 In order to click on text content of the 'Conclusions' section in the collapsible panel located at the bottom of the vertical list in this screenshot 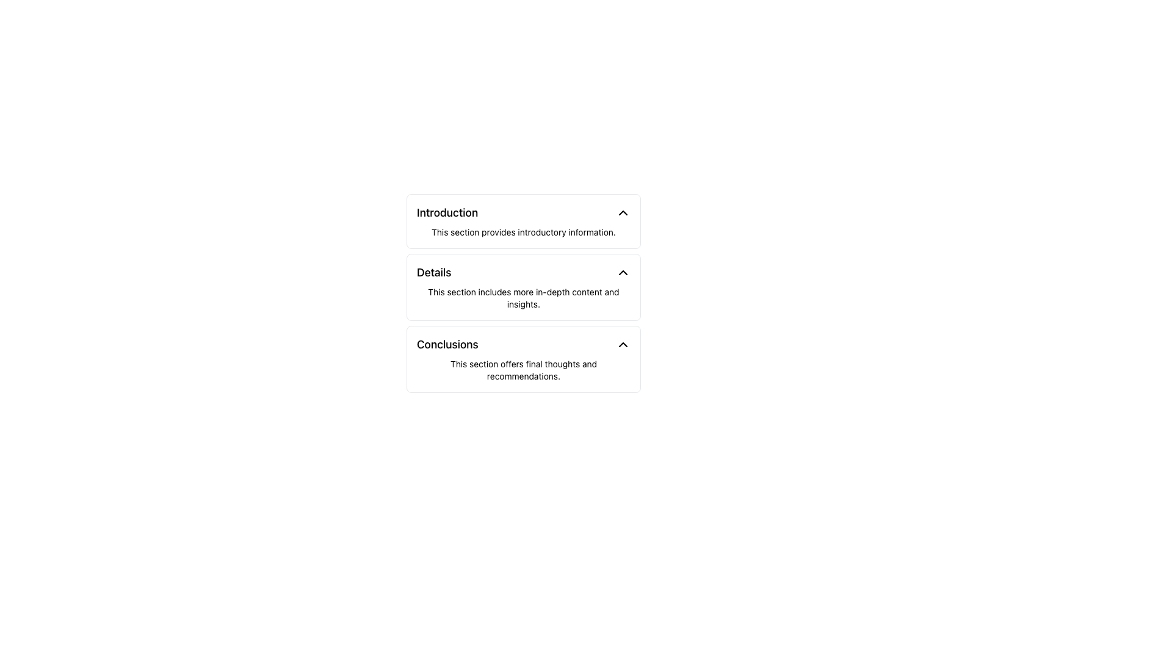, I will do `click(524, 359)`.